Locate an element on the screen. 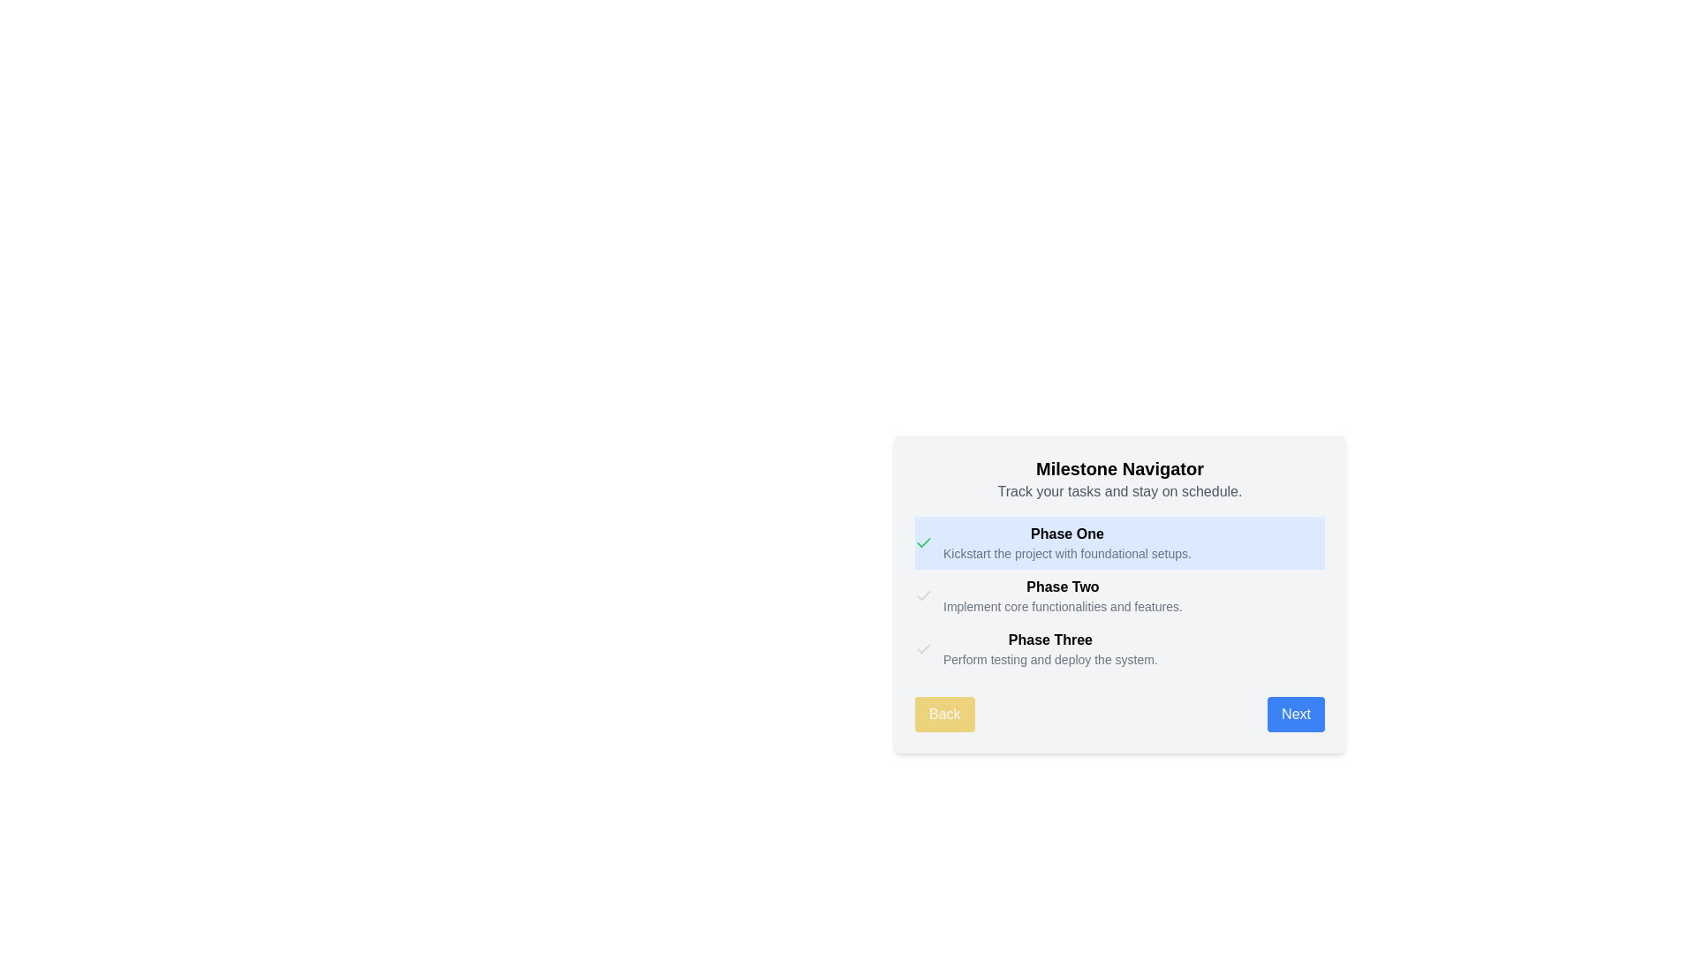  the Text Label that serves as a title for the second phase of the project, positioned between the 'Phase One' and 'Phase Three' milestones is located at coordinates (1062, 587).